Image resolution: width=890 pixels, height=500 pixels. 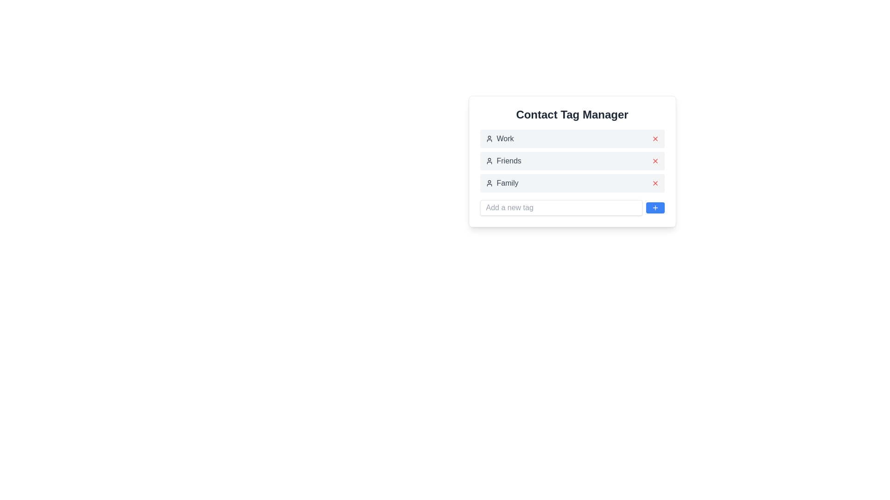 What do you see at coordinates (489, 160) in the screenshot?
I see `the user icon located to the left of the 'Friends' label in the UI` at bounding box center [489, 160].